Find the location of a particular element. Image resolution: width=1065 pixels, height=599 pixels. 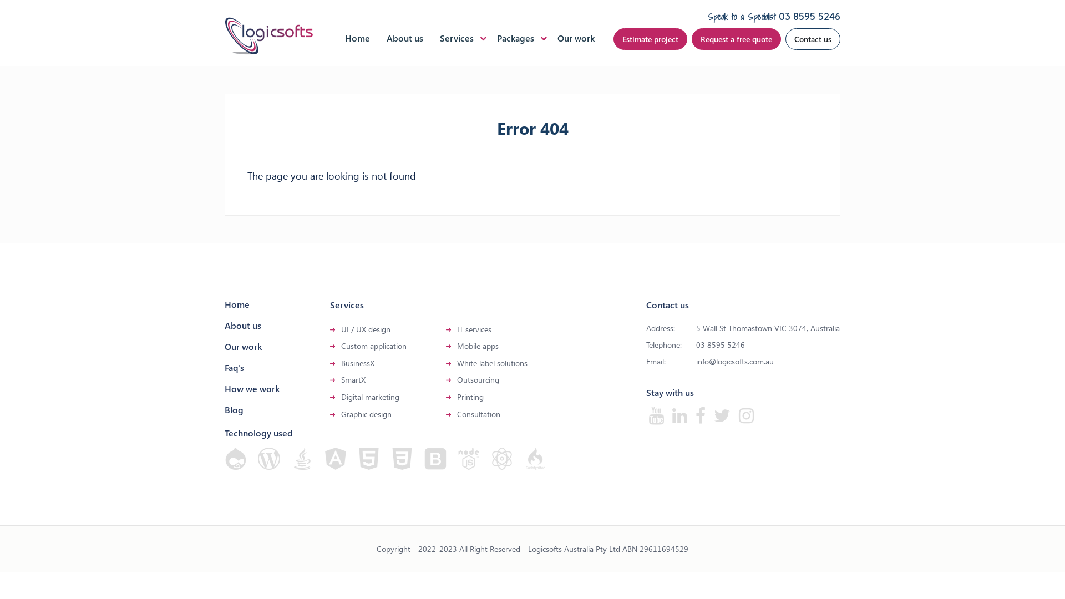

'03 8595 5246' is located at coordinates (809, 16).